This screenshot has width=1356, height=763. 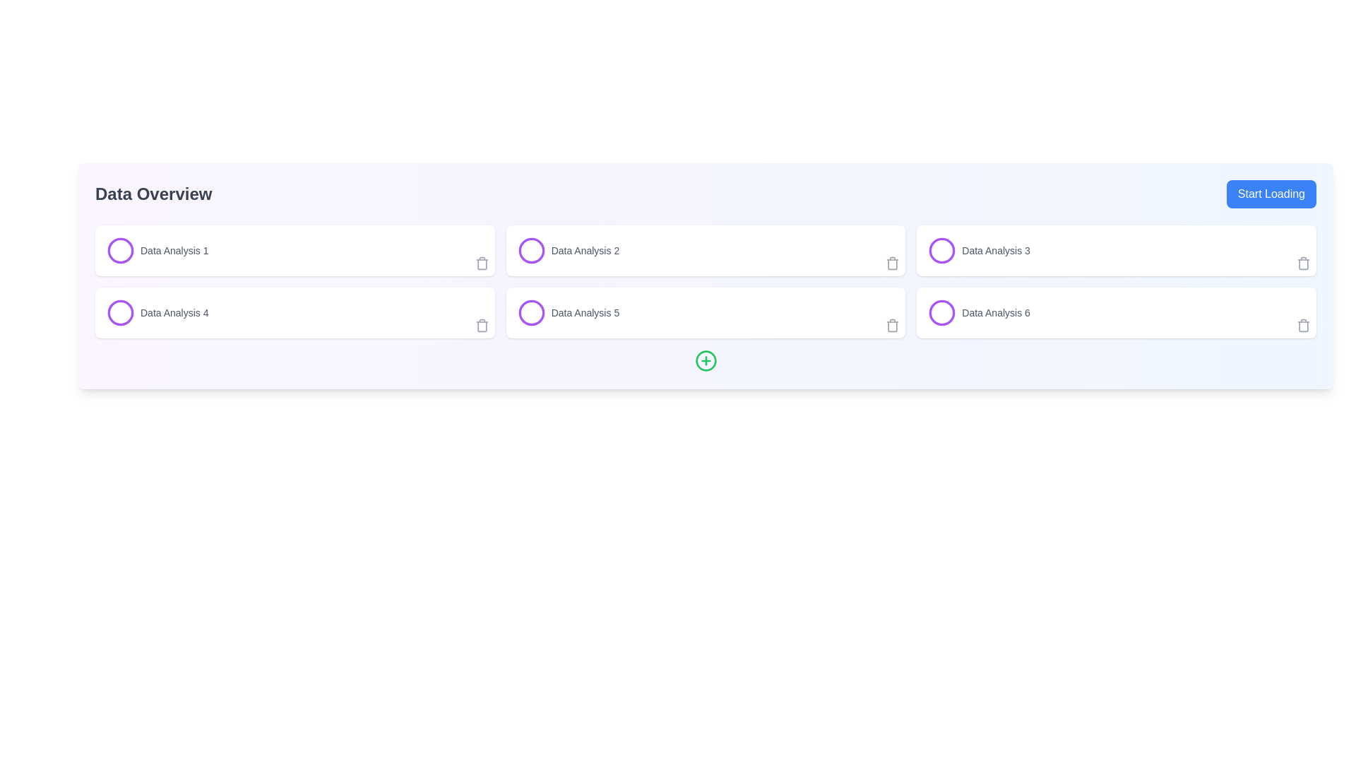 What do you see at coordinates (1271, 194) in the screenshot?
I see `the loading button located in the top-right corner of the 'Data Overview' section` at bounding box center [1271, 194].